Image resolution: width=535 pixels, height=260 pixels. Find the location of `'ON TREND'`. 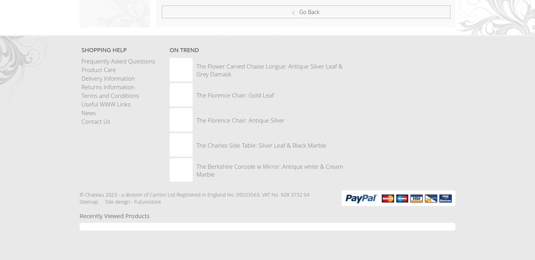

'ON TREND' is located at coordinates (184, 49).